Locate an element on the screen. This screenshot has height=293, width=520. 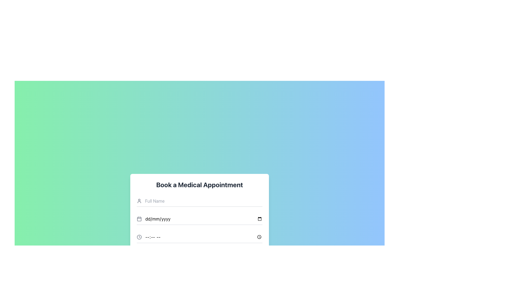
the user icon, which is a minimalist grey outline of a person located to the left of the 'Full Name' input field is located at coordinates (139, 201).